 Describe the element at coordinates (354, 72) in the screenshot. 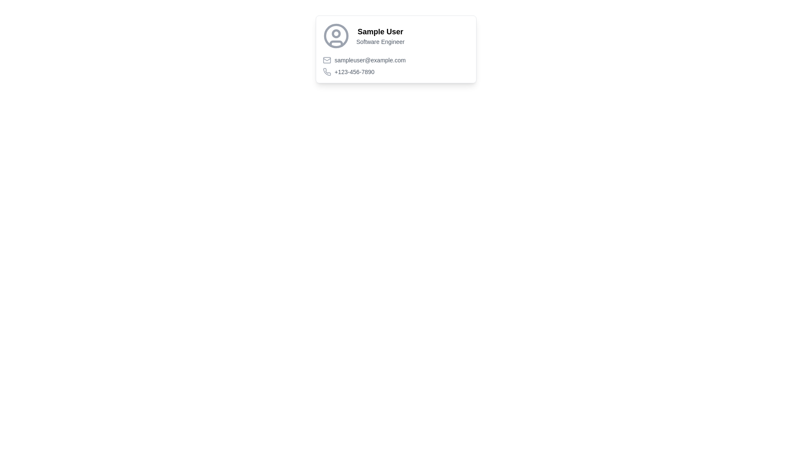

I see `the phone number displayed` at that location.